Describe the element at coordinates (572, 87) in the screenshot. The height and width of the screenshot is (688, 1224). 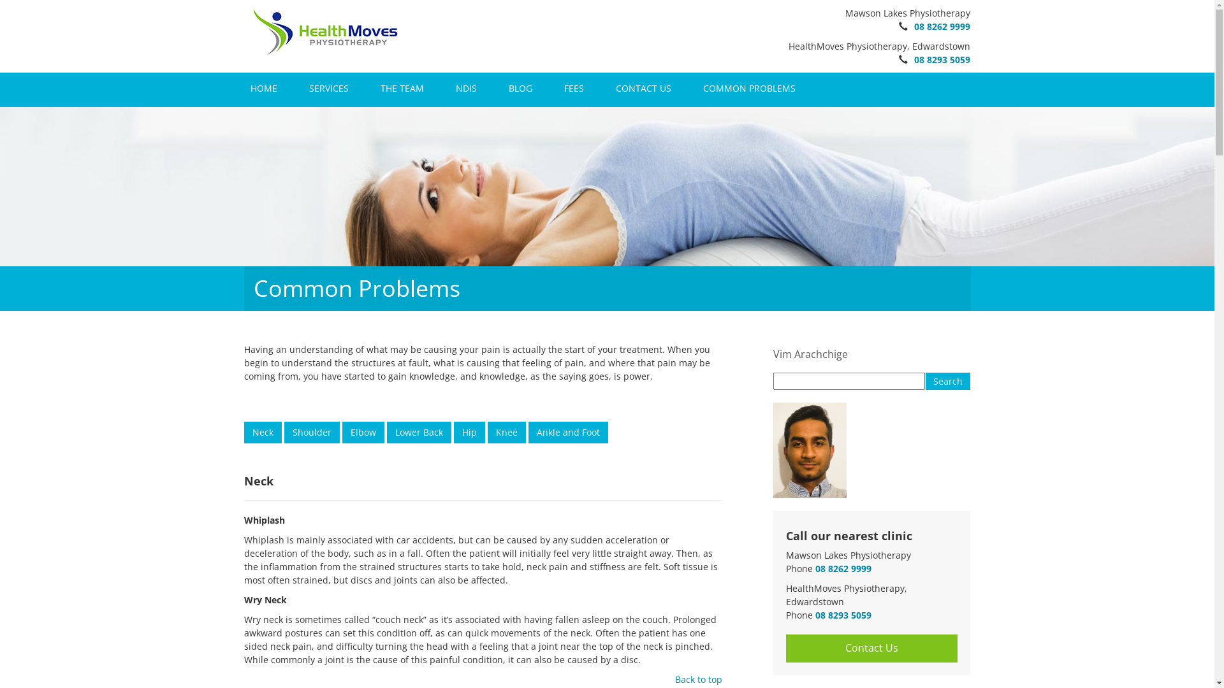
I see `'FEES'` at that location.